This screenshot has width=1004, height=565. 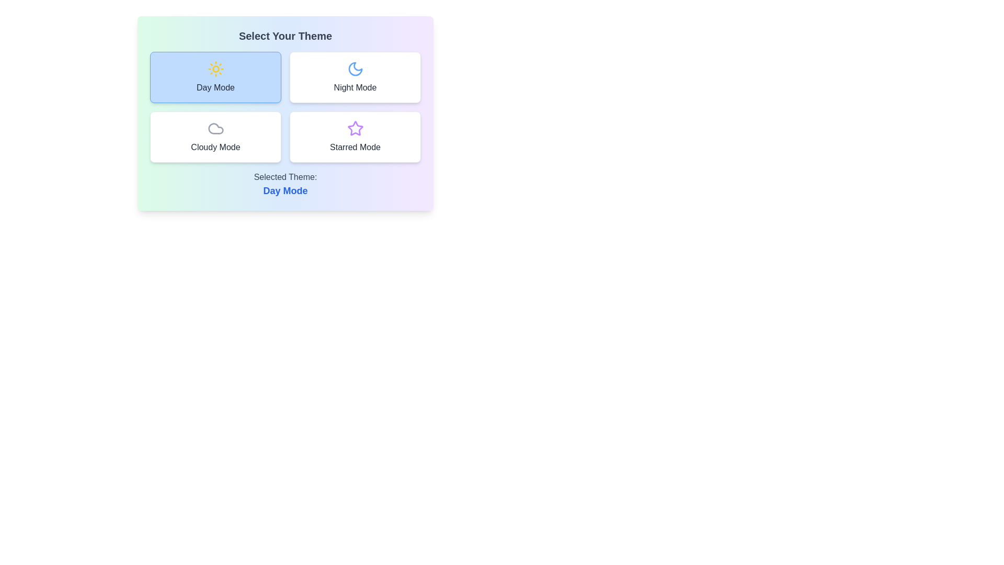 What do you see at coordinates (215, 76) in the screenshot?
I see `the button corresponding to Day Mode theme to observe its hover effect` at bounding box center [215, 76].